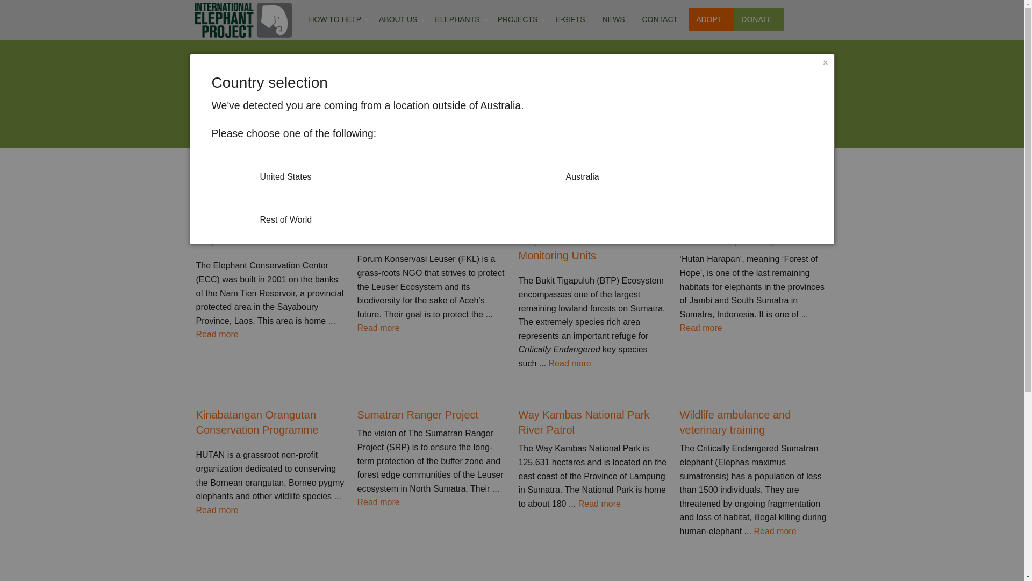 The image size is (1032, 581). Describe the element at coordinates (592, 248) in the screenshot. I see `'Elephant Conservation & Monitoring Units'` at that location.